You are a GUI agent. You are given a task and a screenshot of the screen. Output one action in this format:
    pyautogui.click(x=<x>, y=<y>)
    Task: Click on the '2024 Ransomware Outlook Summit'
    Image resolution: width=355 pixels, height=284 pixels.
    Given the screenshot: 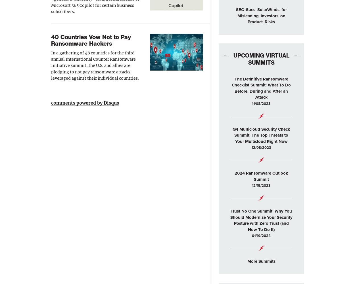 What is the action you would take?
    pyautogui.click(x=234, y=176)
    